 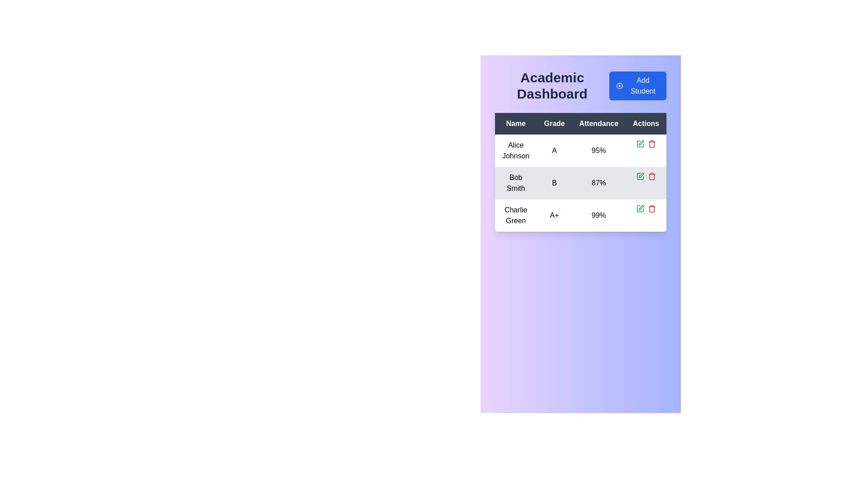 What do you see at coordinates (637, 86) in the screenshot?
I see `the button located in the top-right corner of the interface, to the right of the 'Academic Dashboard' text` at bounding box center [637, 86].